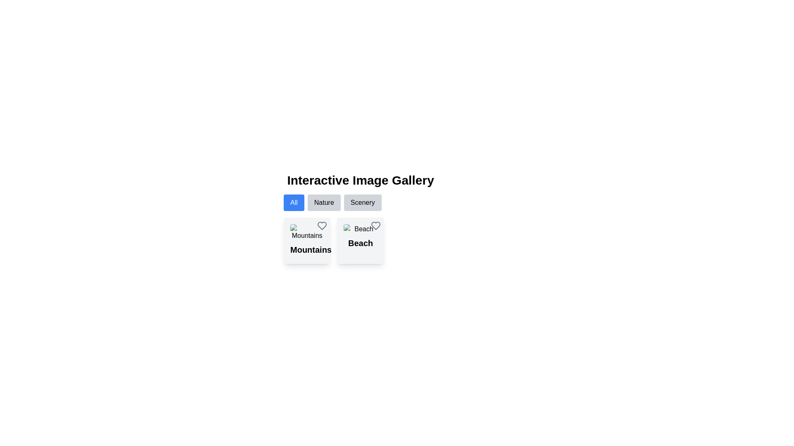 The width and height of the screenshot is (794, 446). I want to click on the blue button labeled 'All', so click(294, 202).